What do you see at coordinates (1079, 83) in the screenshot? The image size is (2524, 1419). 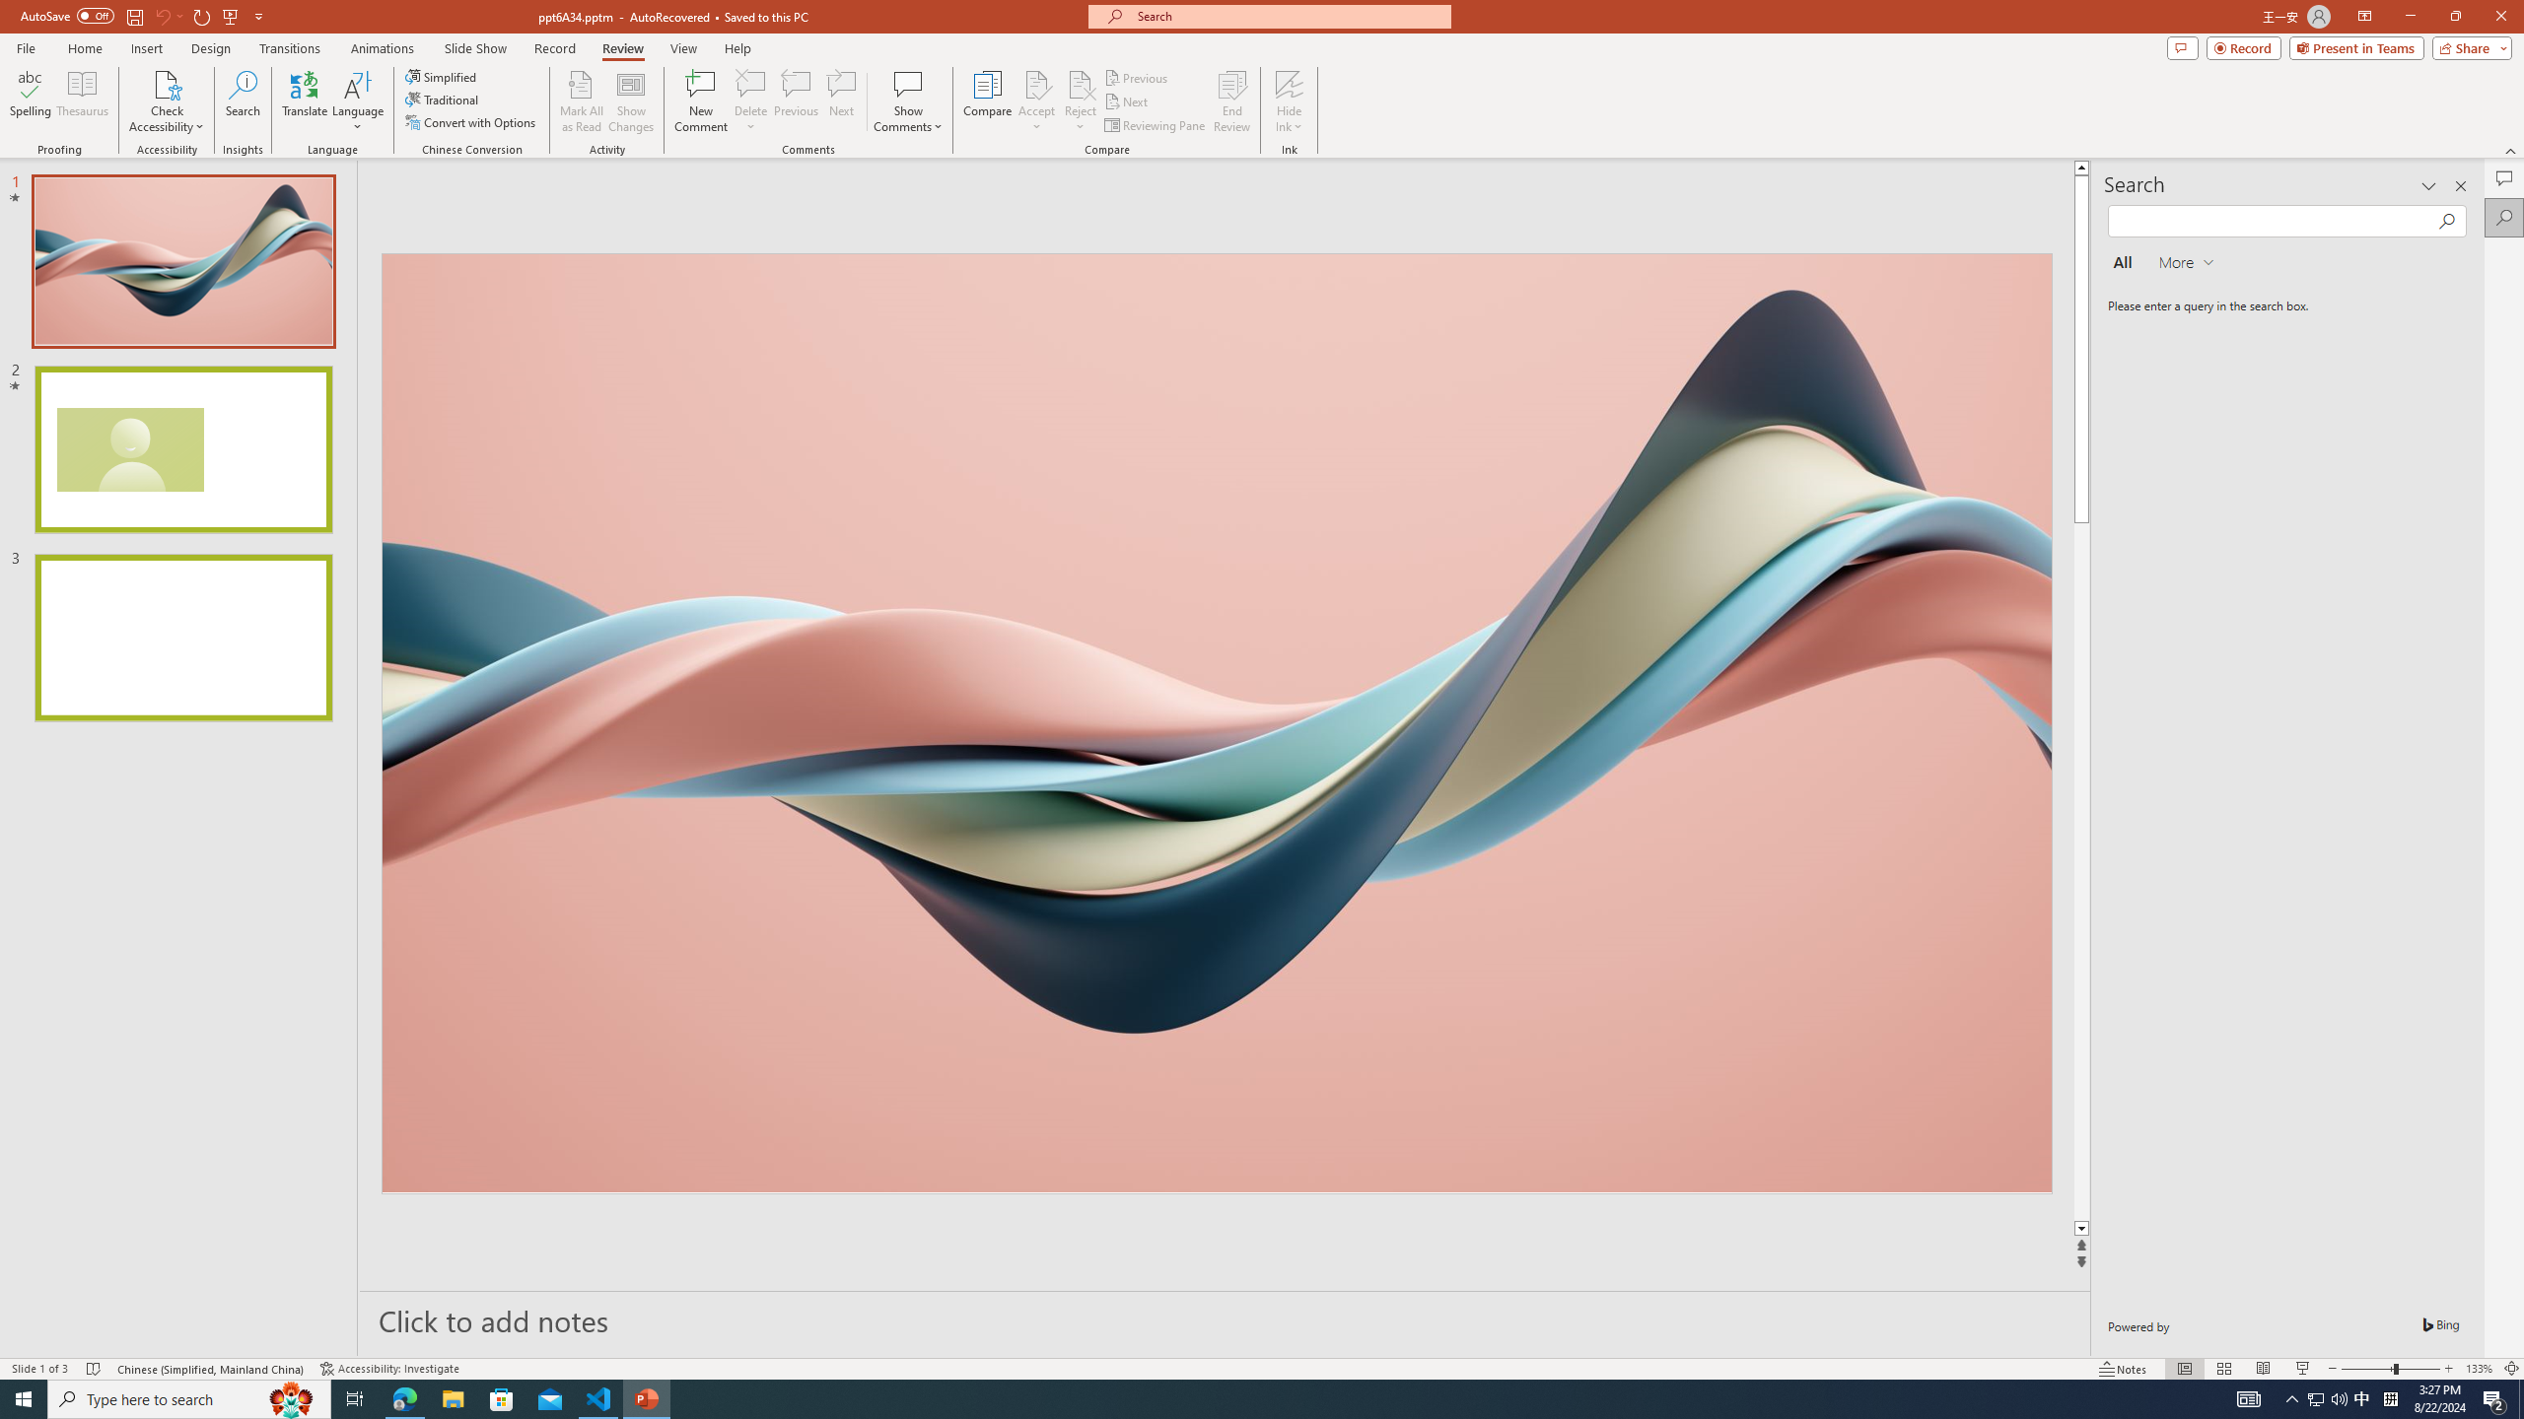 I see `'Reject Change'` at bounding box center [1079, 83].